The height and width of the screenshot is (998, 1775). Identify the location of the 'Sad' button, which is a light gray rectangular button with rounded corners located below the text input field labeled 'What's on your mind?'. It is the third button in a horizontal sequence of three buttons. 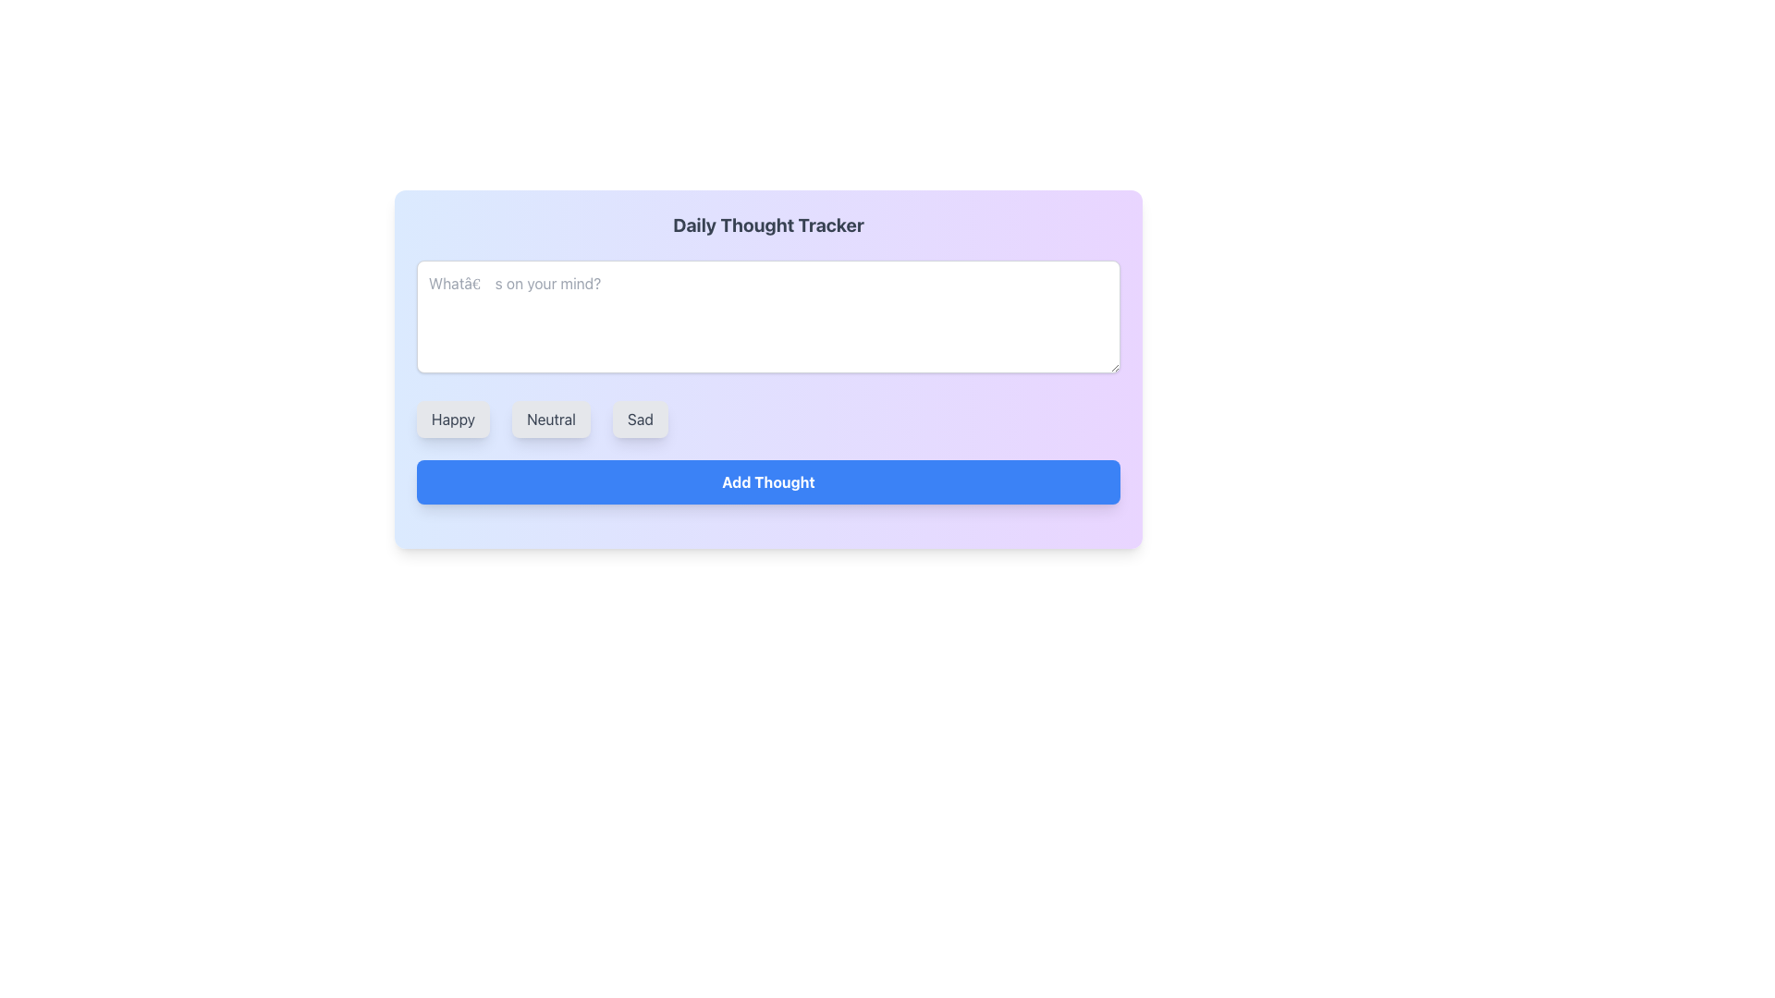
(640, 420).